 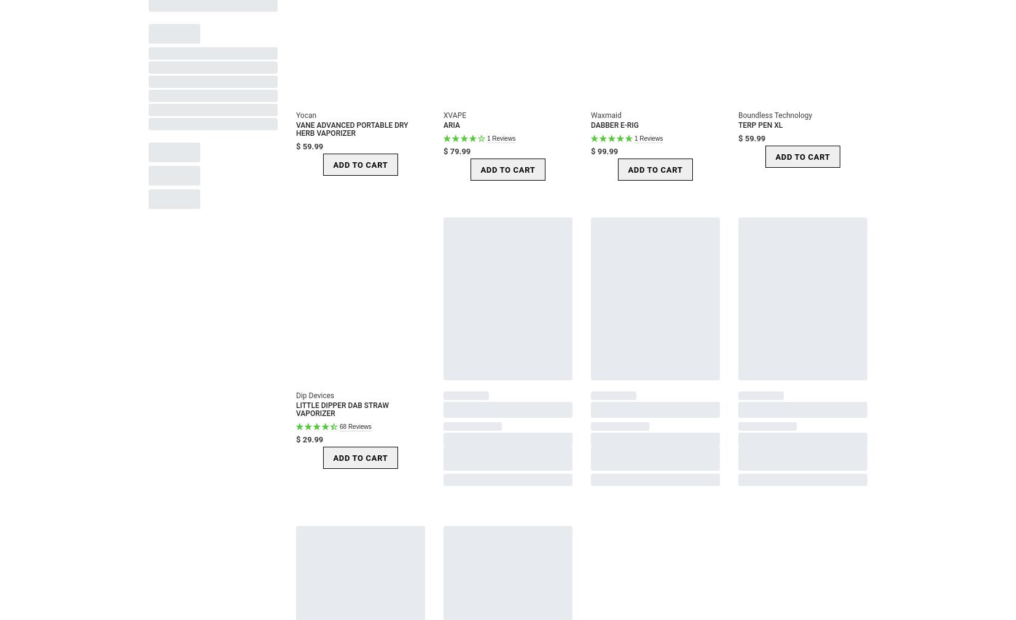 I want to click on 'Tying the entire vaporizer together, the vape is handcrafted using German technology. It even comes with a 3-year warranty. While the Volcano is an amazing desktop vaporizer for dry herbs, it is also compatible with concentrates. It's all the best functionality put into one vape.', so click(x=496, y=224).